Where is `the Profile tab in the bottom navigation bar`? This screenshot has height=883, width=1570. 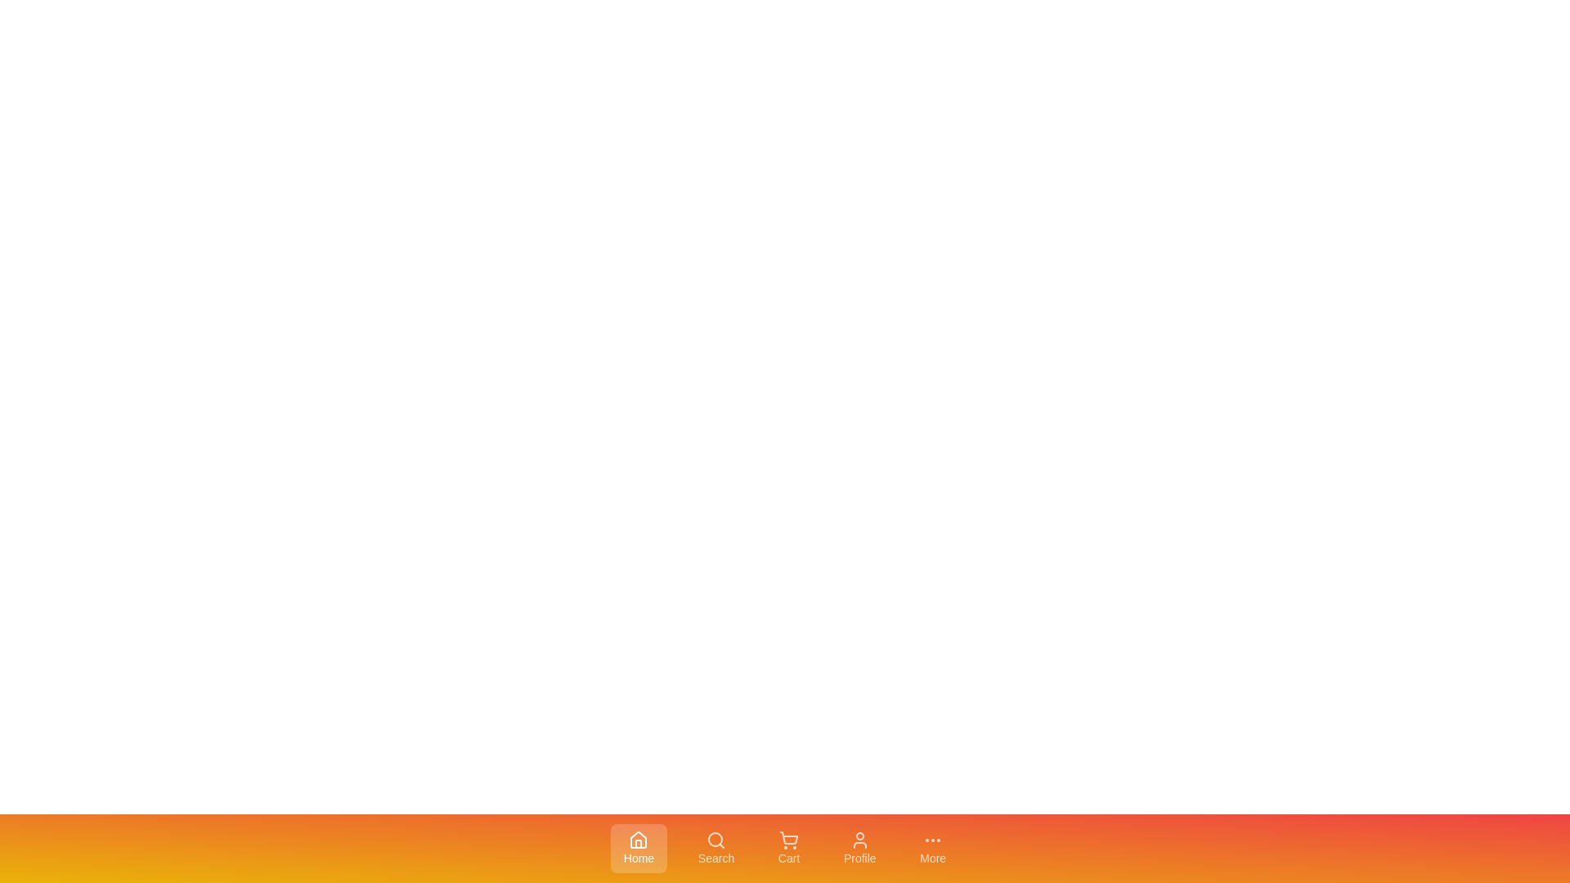 the Profile tab in the bottom navigation bar is located at coordinates (859, 847).